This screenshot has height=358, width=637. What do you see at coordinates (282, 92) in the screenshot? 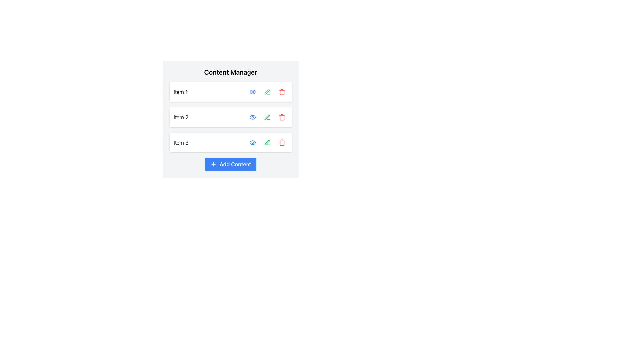
I see `the trash can icon button, which is the last icon in the row associated with 'Item 1' in the Content Manager, to observe its visual feedback` at bounding box center [282, 92].